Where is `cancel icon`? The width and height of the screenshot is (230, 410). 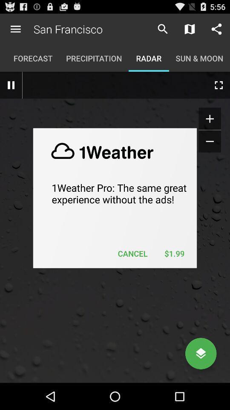
cancel icon is located at coordinates (132, 253).